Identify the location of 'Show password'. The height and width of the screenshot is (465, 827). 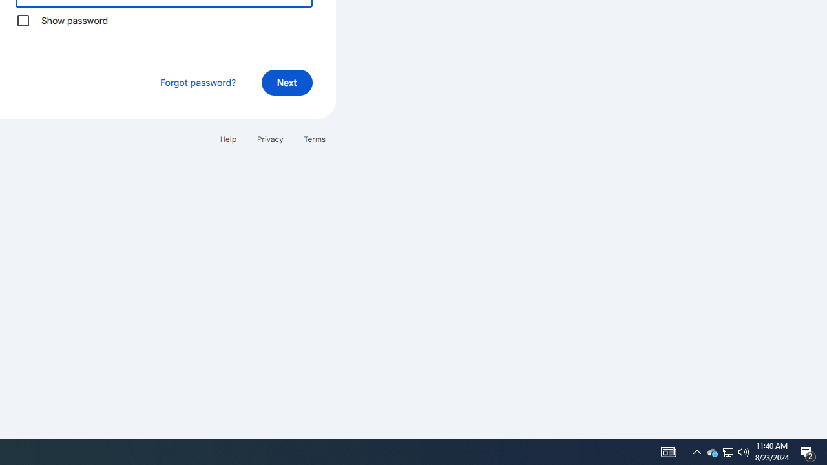
(23, 20).